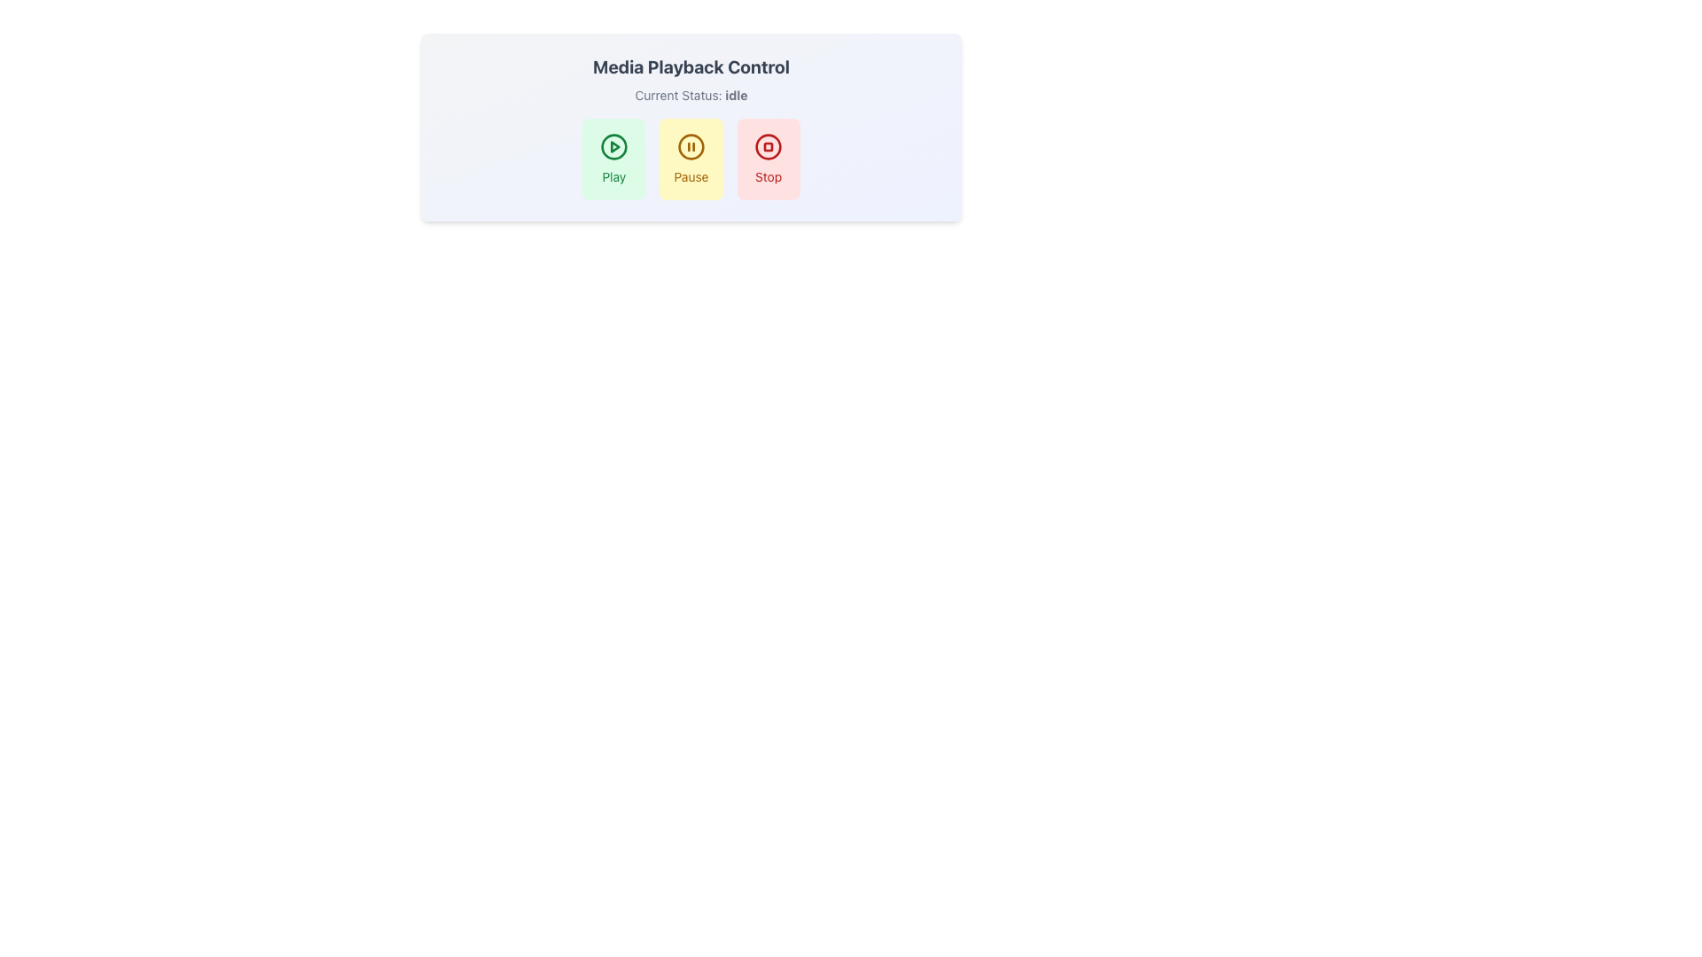 The height and width of the screenshot is (957, 1702). I want to click on the 'Pause' button, which has a yellow background and a bold pause icon, so click(690, 159).